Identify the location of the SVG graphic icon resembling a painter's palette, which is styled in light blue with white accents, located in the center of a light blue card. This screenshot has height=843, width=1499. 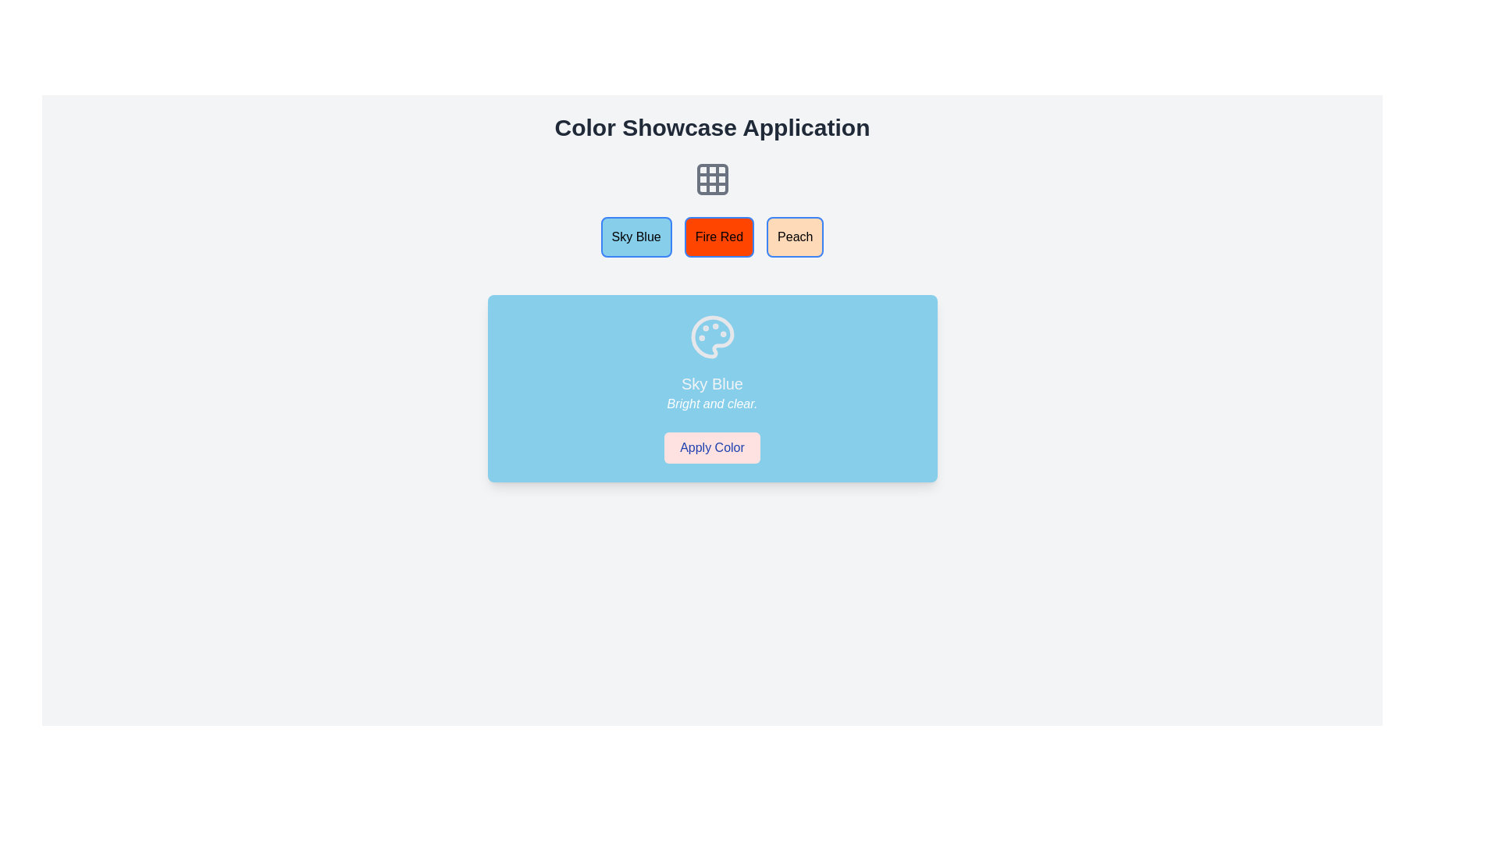
(711, 336).